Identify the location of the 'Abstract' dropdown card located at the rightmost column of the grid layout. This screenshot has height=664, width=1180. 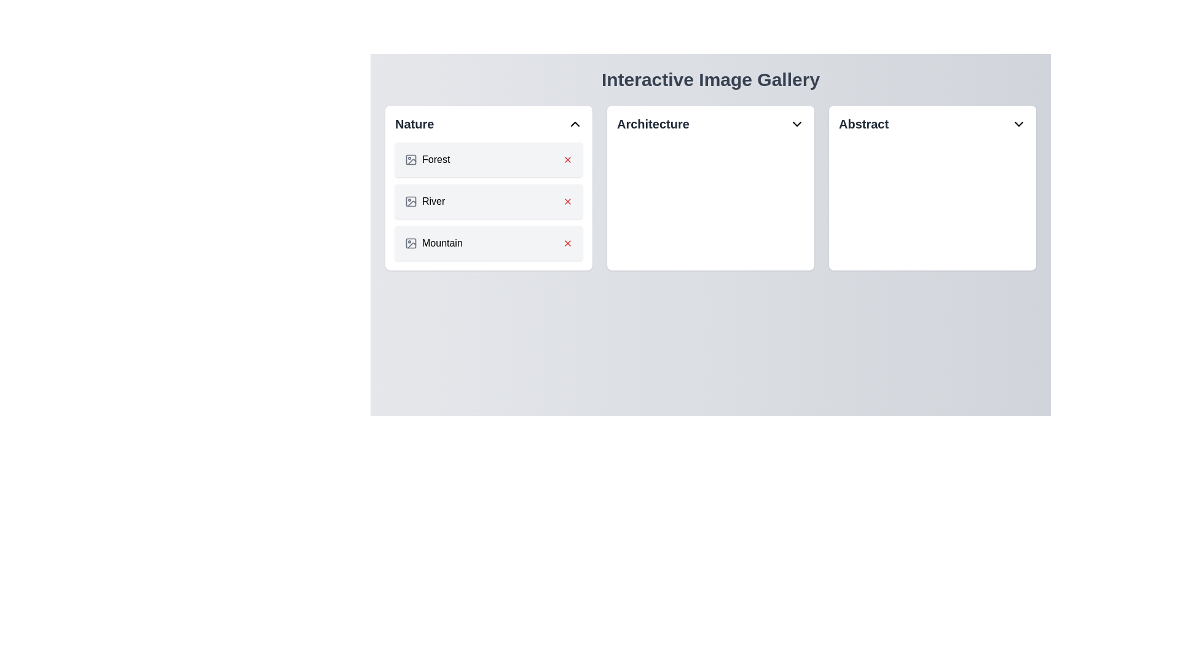
(932, 188).